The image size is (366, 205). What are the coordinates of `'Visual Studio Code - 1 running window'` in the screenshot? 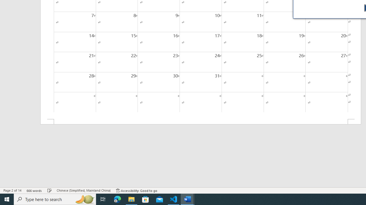 It's located at (173, 199).